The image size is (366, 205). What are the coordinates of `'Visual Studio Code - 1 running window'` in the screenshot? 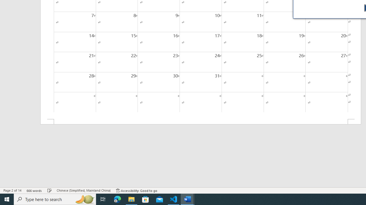 It's located at (173, 199).